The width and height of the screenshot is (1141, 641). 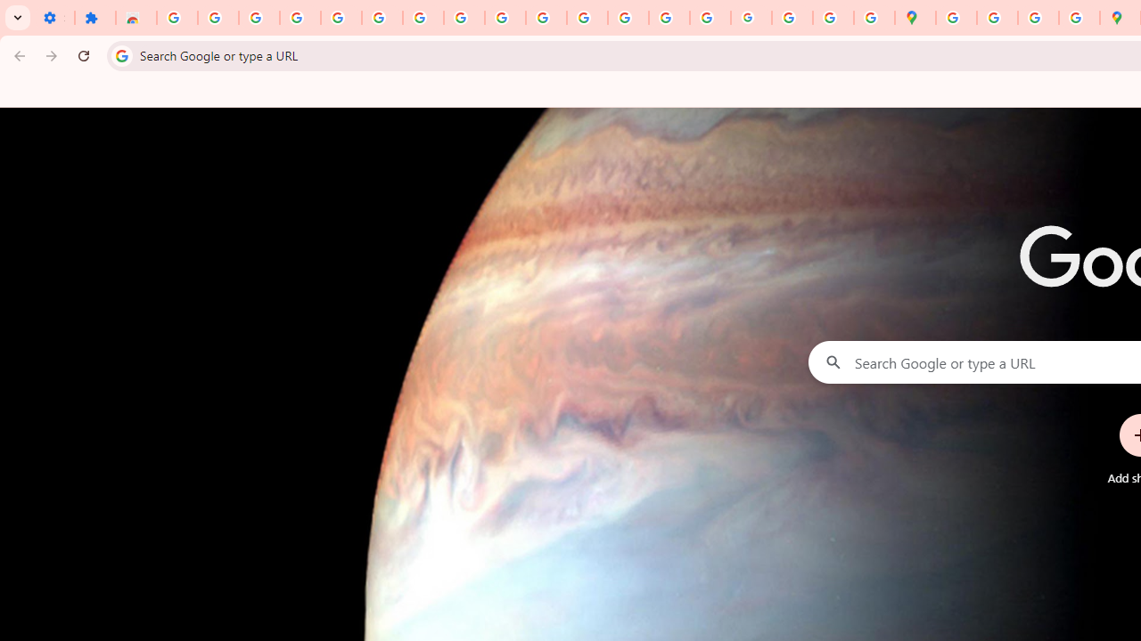 What do you see at coordinates (915, 18) in the screenshot?
I see `'Google Maps'` at bounding box center [915, 18].